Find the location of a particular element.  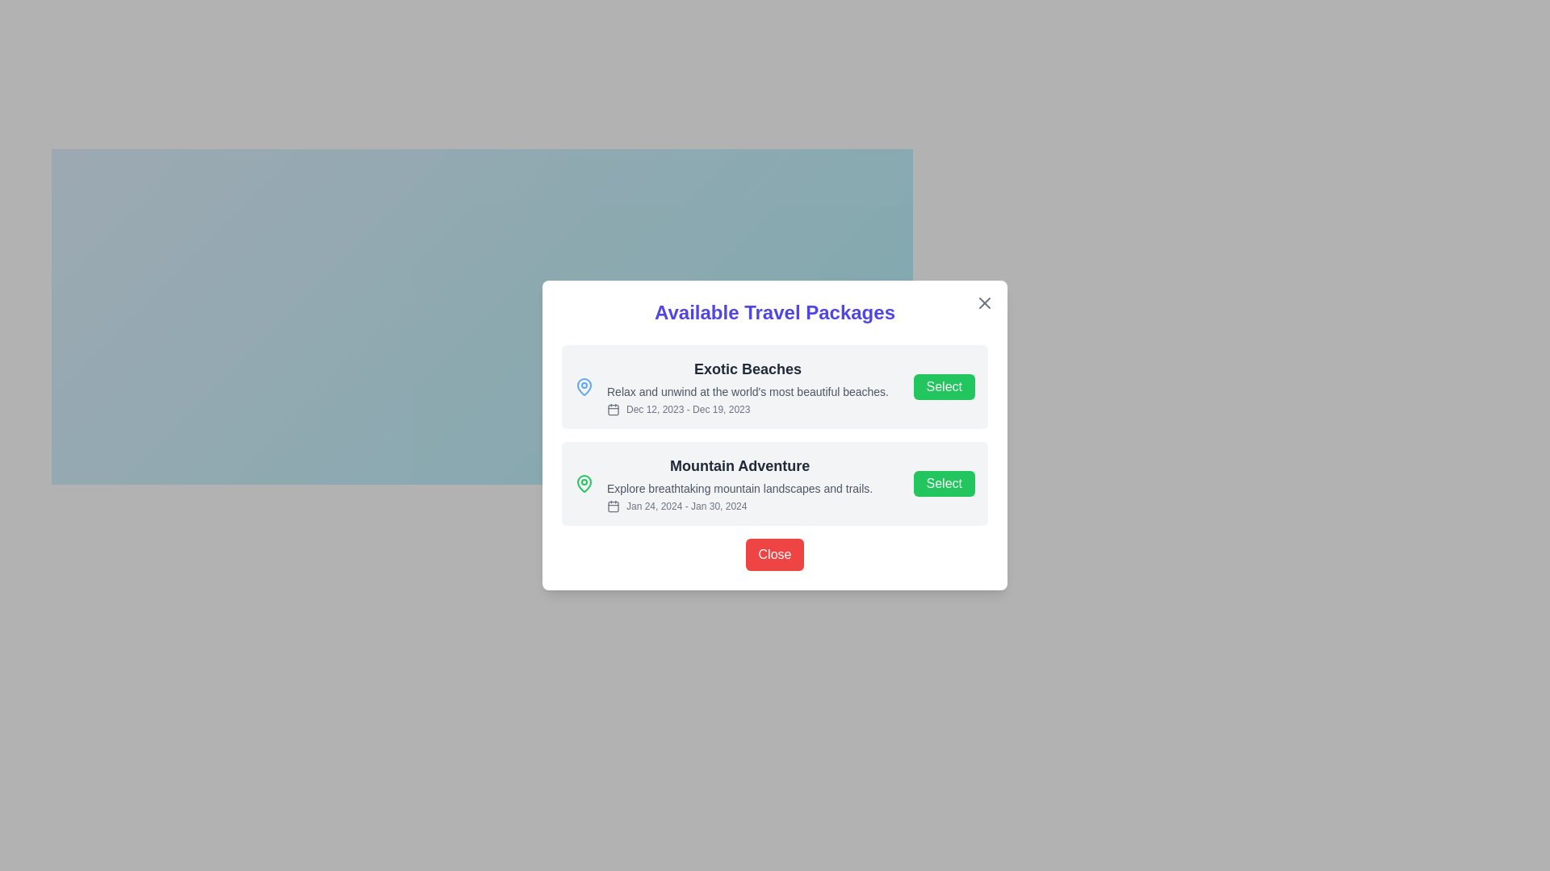

the Close button with an 'X' icon located at the top-right corner of the modal dialog titled 'Available Travel Packages' to change its color is located at coordinates (983, 302).